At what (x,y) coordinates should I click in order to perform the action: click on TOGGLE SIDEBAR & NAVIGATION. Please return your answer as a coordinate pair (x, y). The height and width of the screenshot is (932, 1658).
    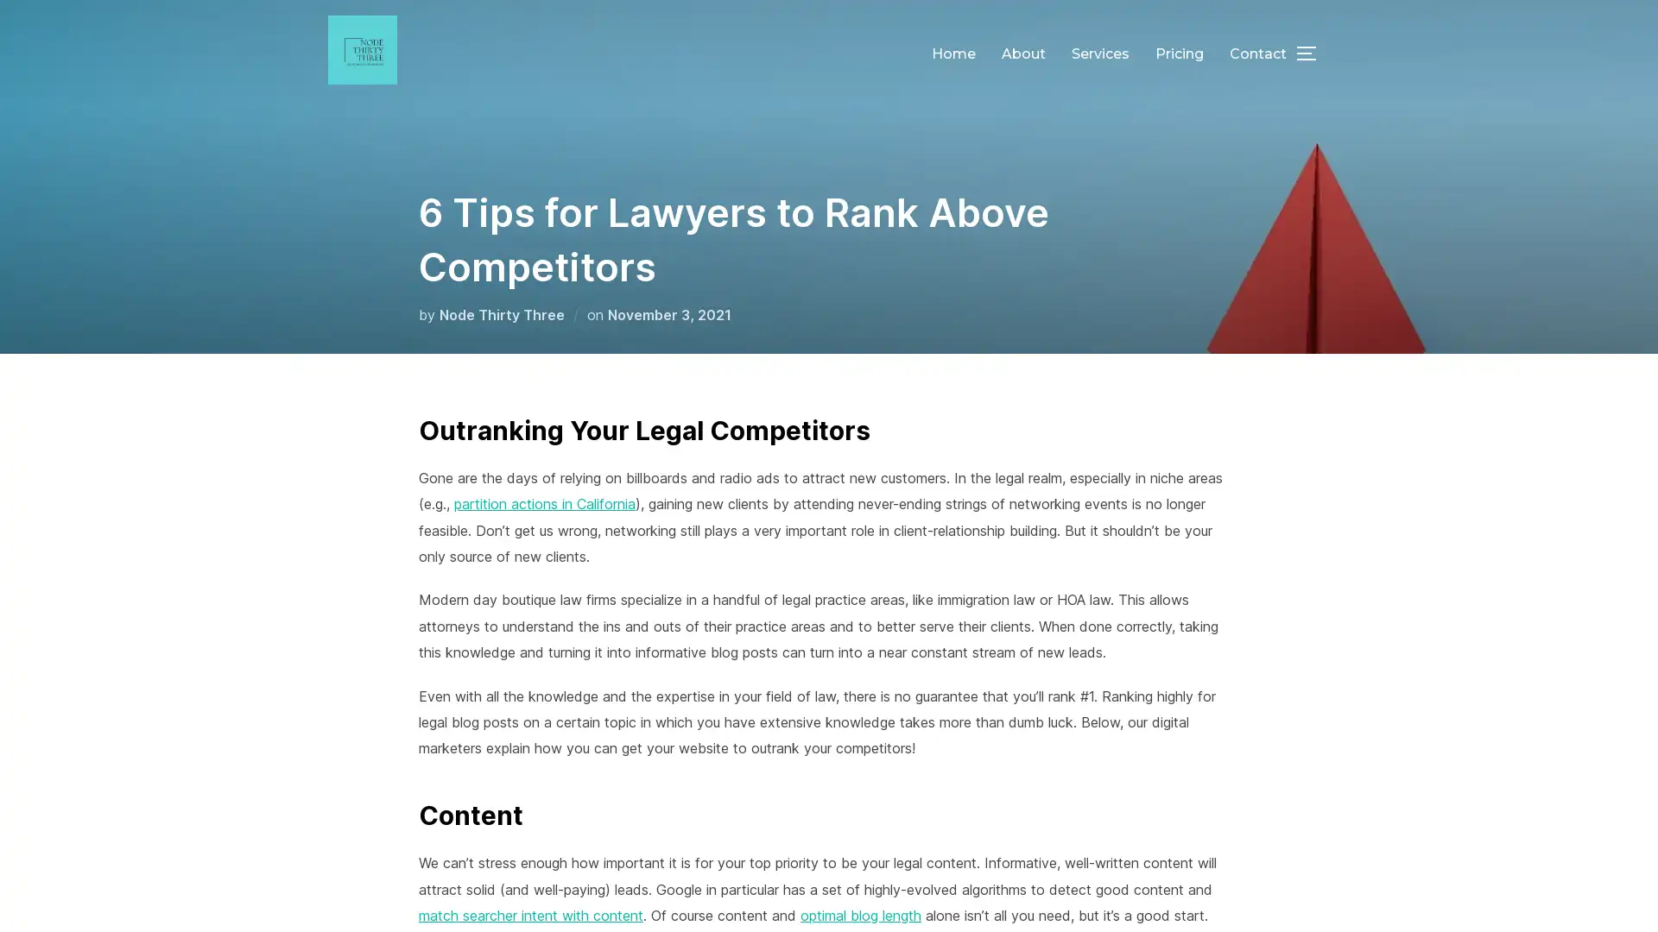
    Looking at the image, I should click on (1313, 52).